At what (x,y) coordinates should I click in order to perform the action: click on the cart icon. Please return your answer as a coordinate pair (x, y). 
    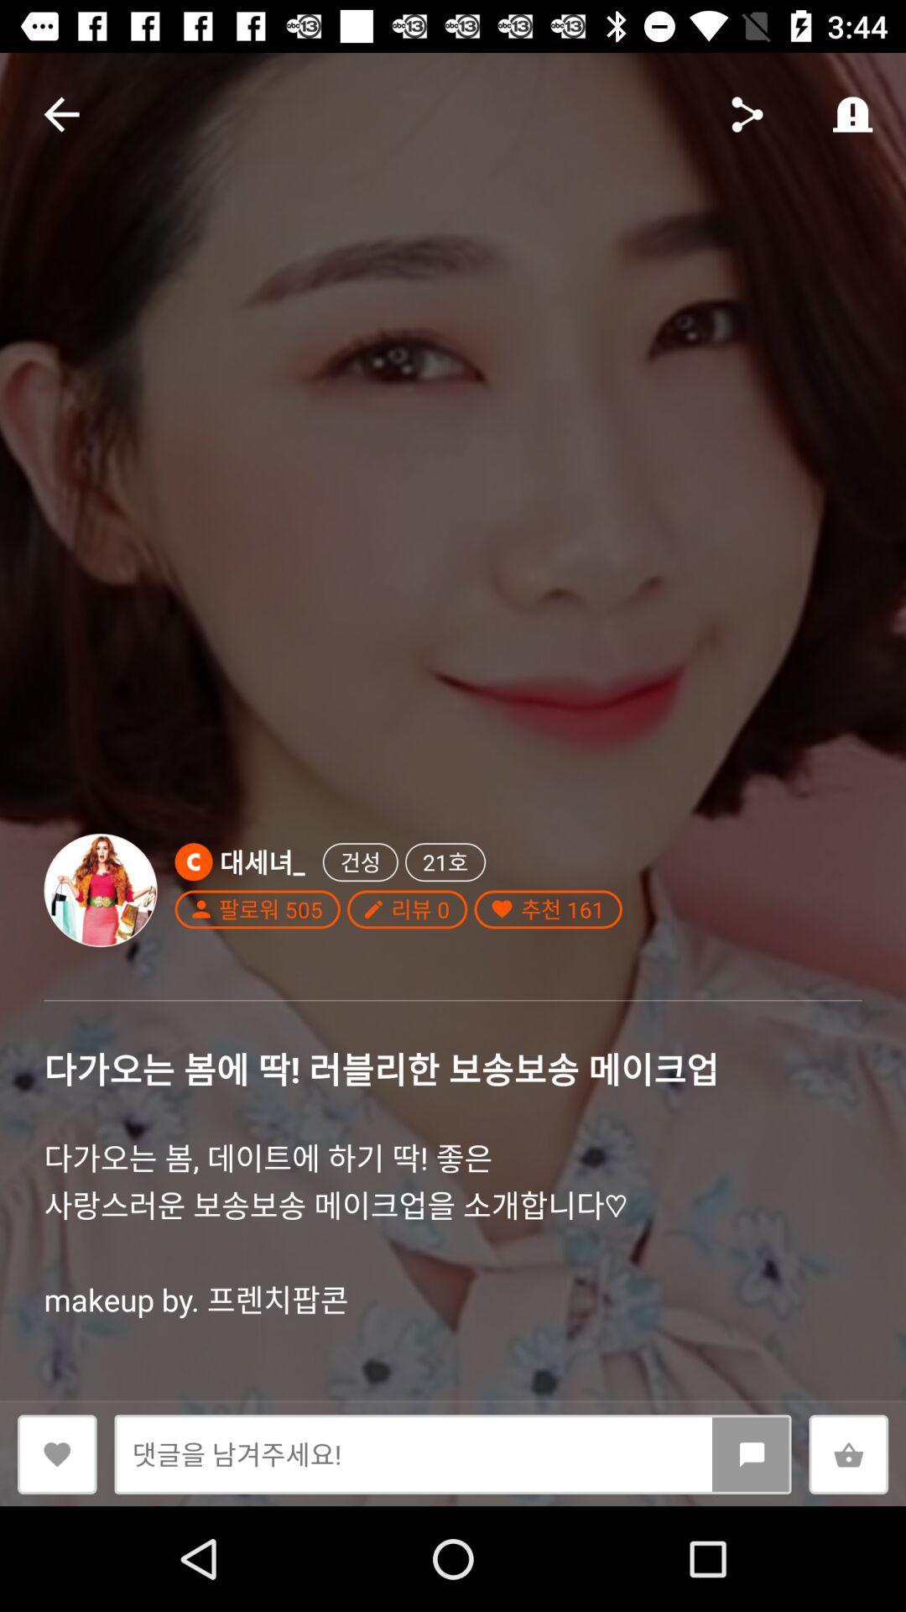
    Looking at the image, I should click on (848, 1453).